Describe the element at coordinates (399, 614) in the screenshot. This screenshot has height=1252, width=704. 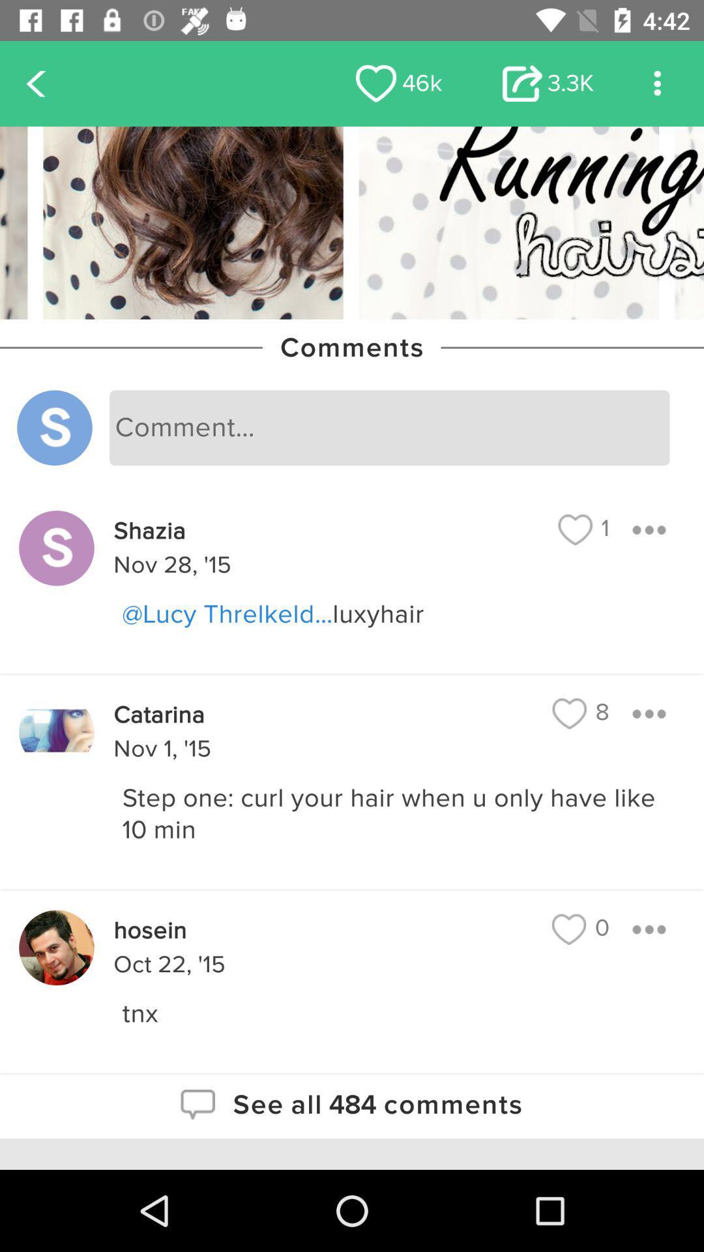
I see `@lucy threlkeld...luxyhair item` at that location.